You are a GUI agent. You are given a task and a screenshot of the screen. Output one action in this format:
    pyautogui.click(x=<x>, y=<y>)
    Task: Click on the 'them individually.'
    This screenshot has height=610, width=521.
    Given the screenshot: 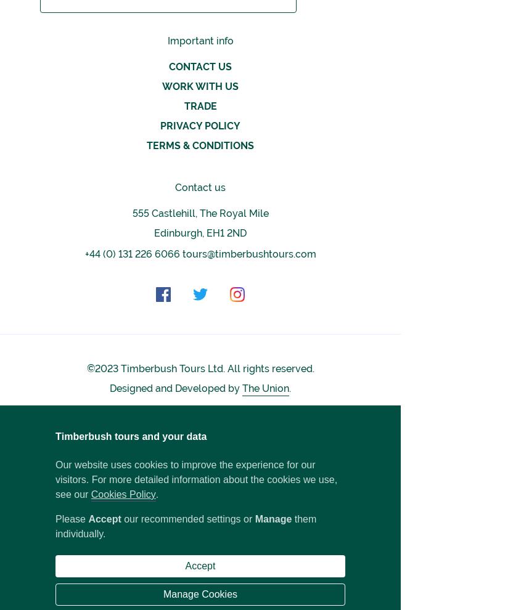 What is the action you would take?
    pyautogui.click(x=186, y=526)
    